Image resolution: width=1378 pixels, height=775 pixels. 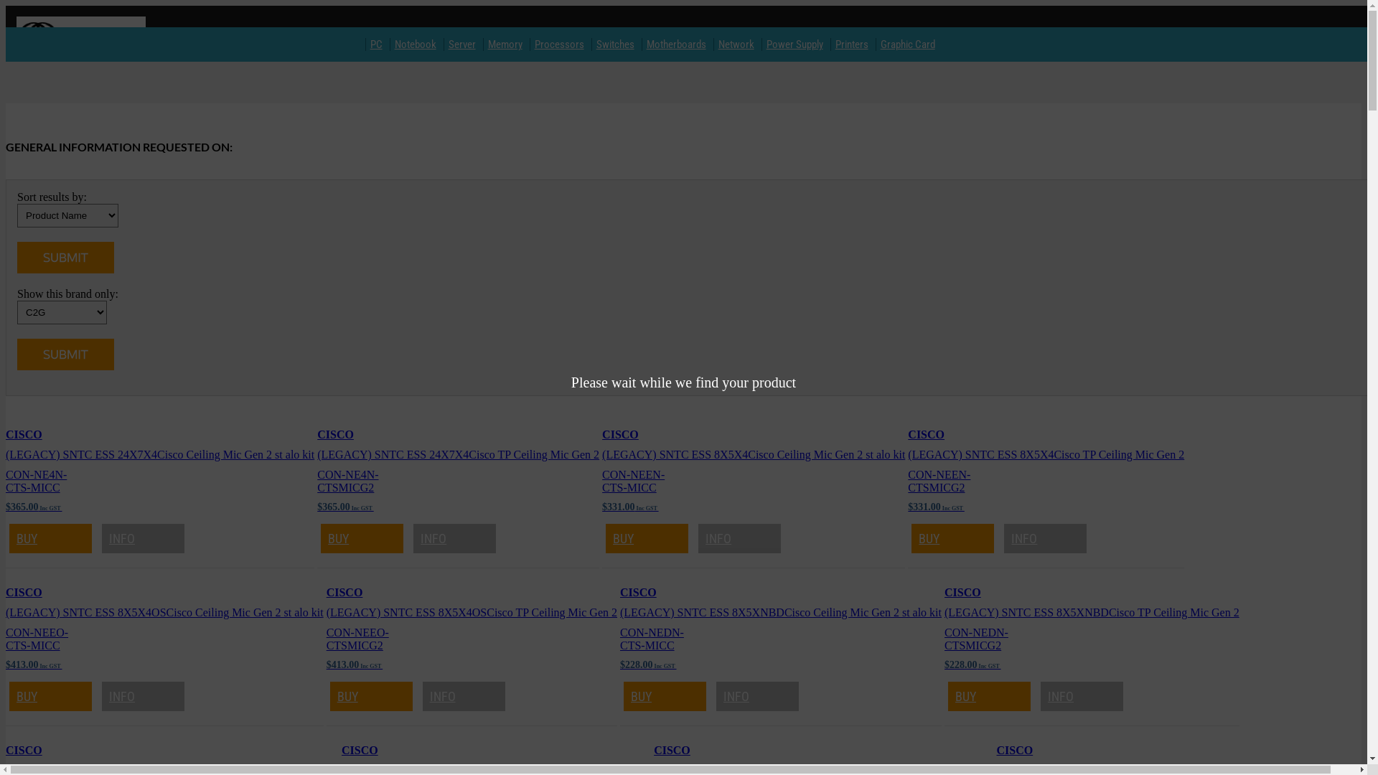 What do you see at coordinates (415, 43) in the screenshot?
I see `'Notebook'` at bounding box center [415, 43].